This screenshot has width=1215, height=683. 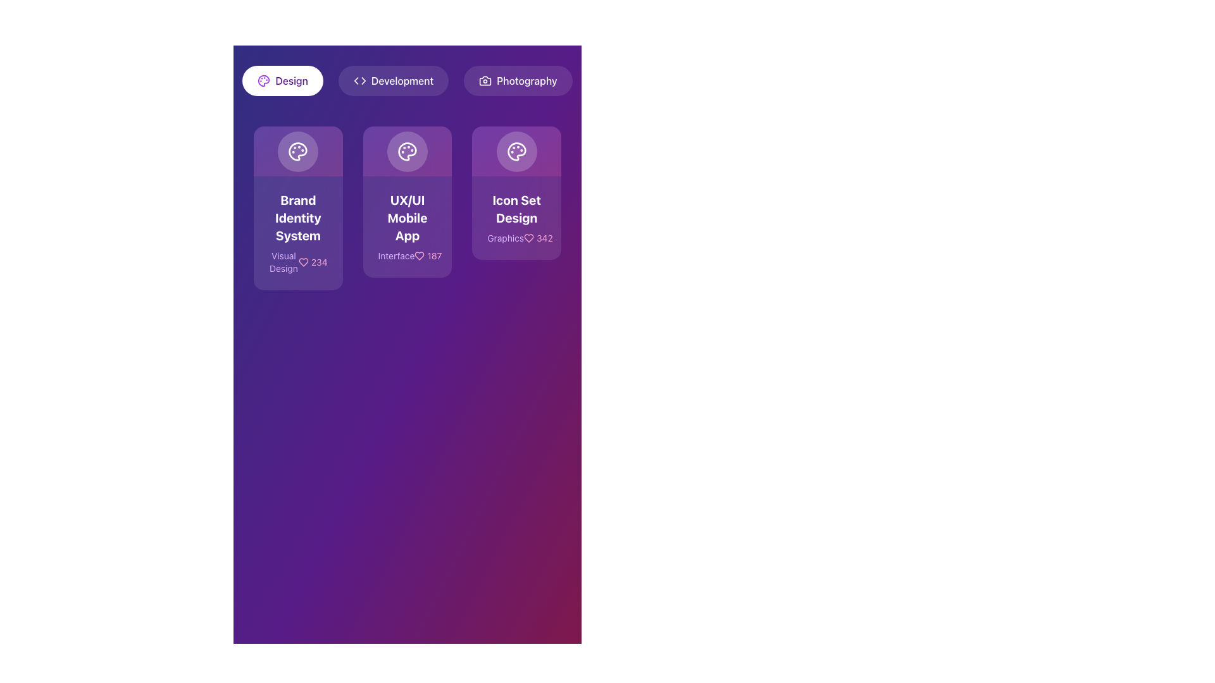 What do you see at coordinates (516, 151) in the screenshot?
I see `the visual representation of the decorative icon for the 'Icon Set Design' project, located at the top-center of the card labeled 'Graphics 342'` at bounding box center [516, 151].